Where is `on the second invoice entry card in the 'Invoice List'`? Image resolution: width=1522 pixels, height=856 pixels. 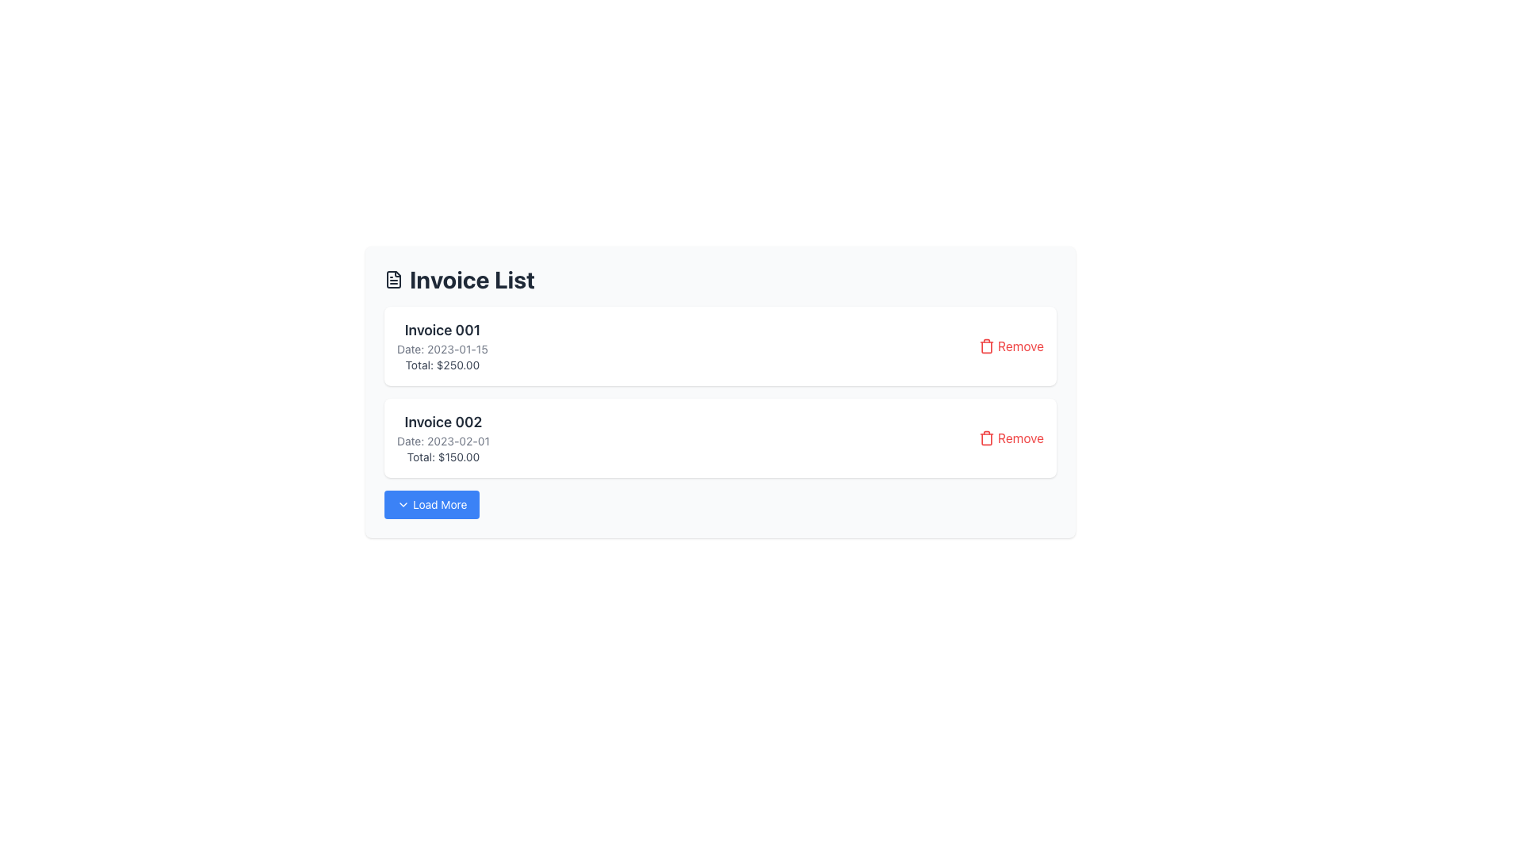 on the second invoice entry card in the 'Invoice List' is located at coordinates (719, 438).